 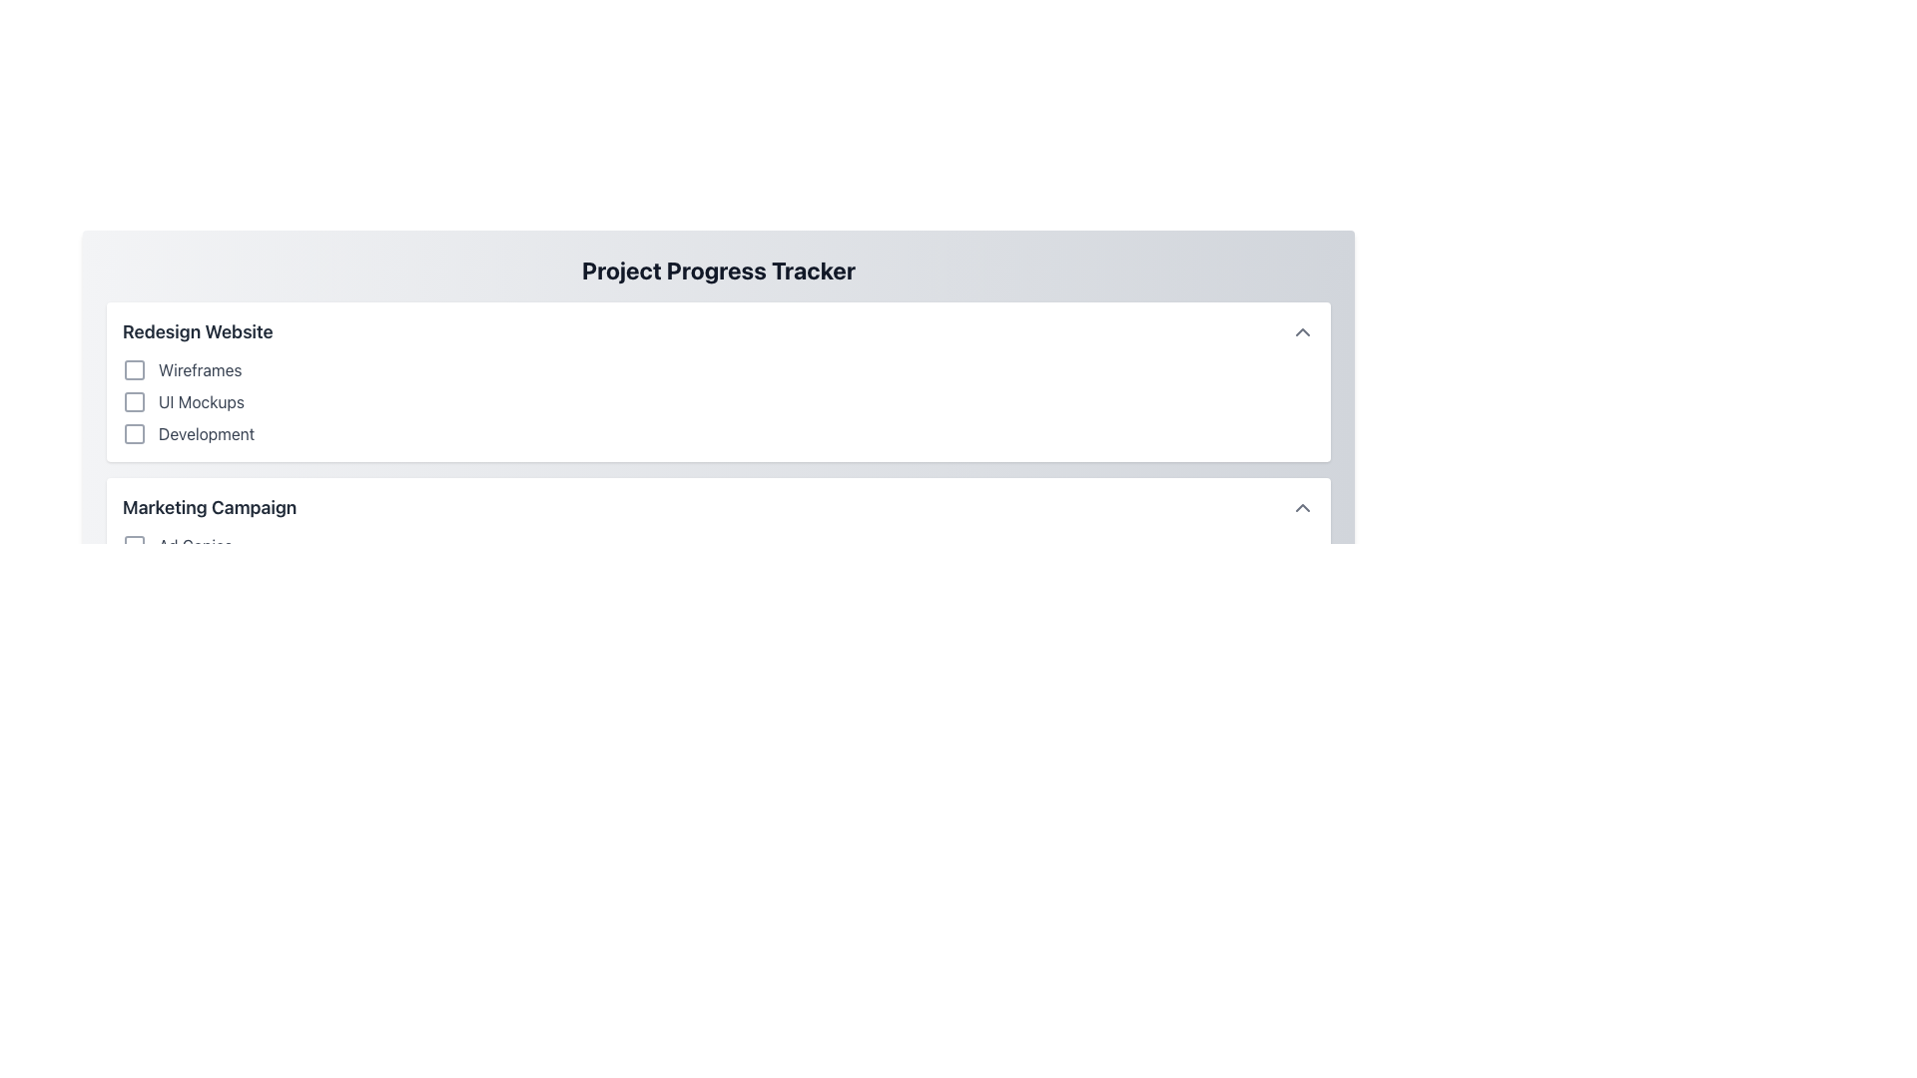 I want to click on the checkbox associated with the third Text Label in the 'Project Progress Tracker' interface, which is under 'Redesign Website', so click(x=207, y=433).